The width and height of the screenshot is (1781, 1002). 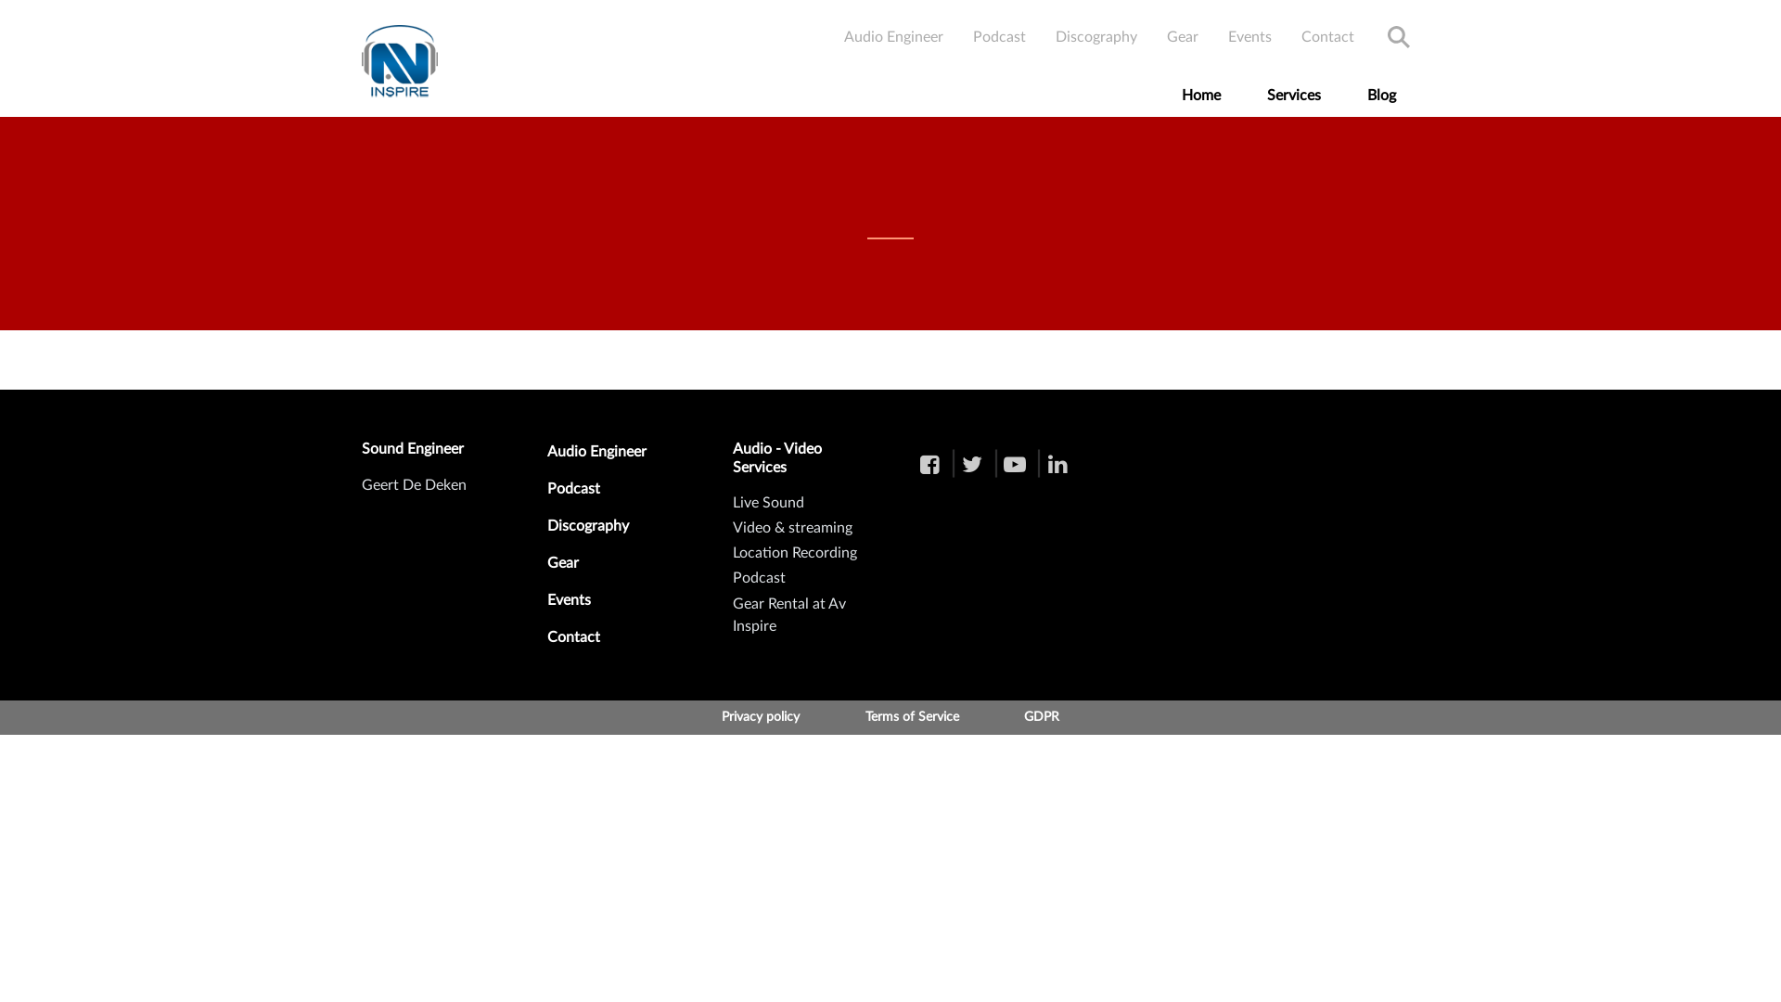 I want to click on 'Terms of Service', so click(x=911, y=716).